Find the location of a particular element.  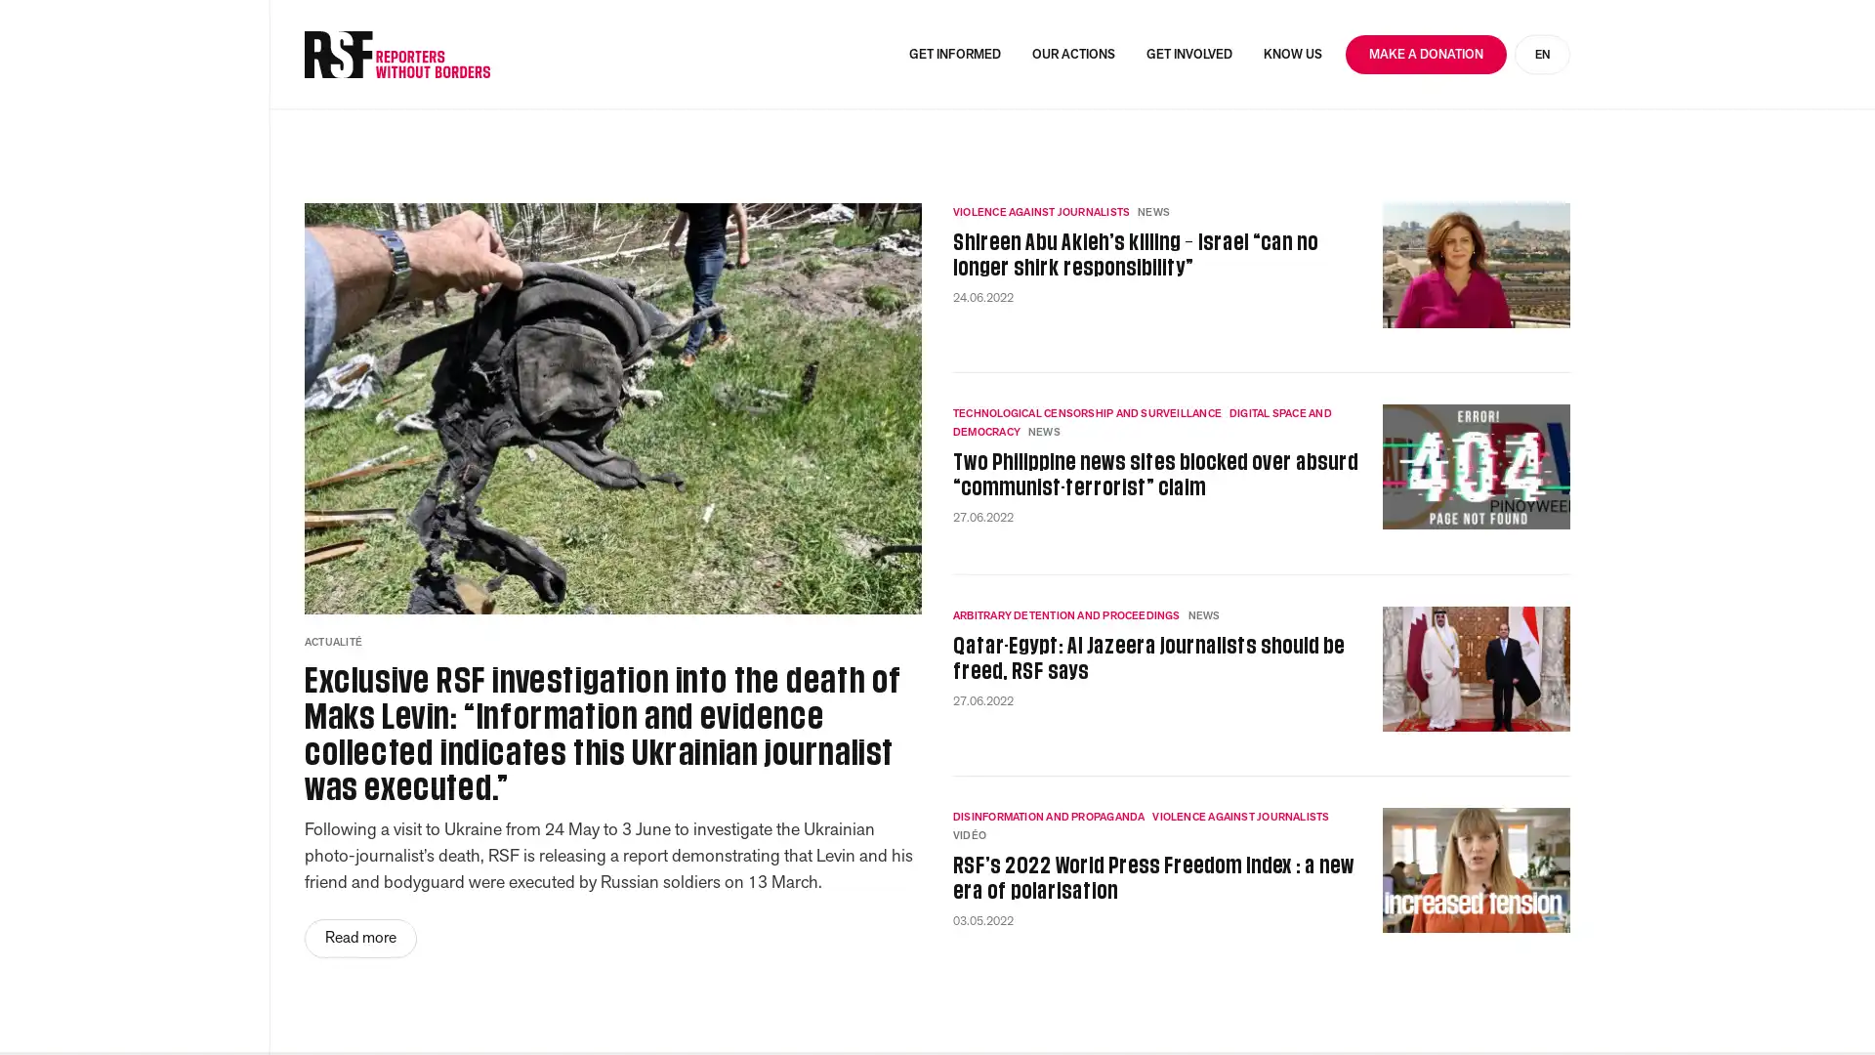

Personalise (modal window) is located at coordinates (1576, 1004).